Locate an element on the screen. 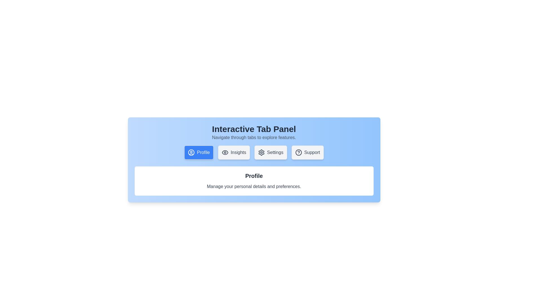 This screenshot has height=304, width=541. the tab labeled Insights to observe its hover effect is located at coordinates (234, 153).